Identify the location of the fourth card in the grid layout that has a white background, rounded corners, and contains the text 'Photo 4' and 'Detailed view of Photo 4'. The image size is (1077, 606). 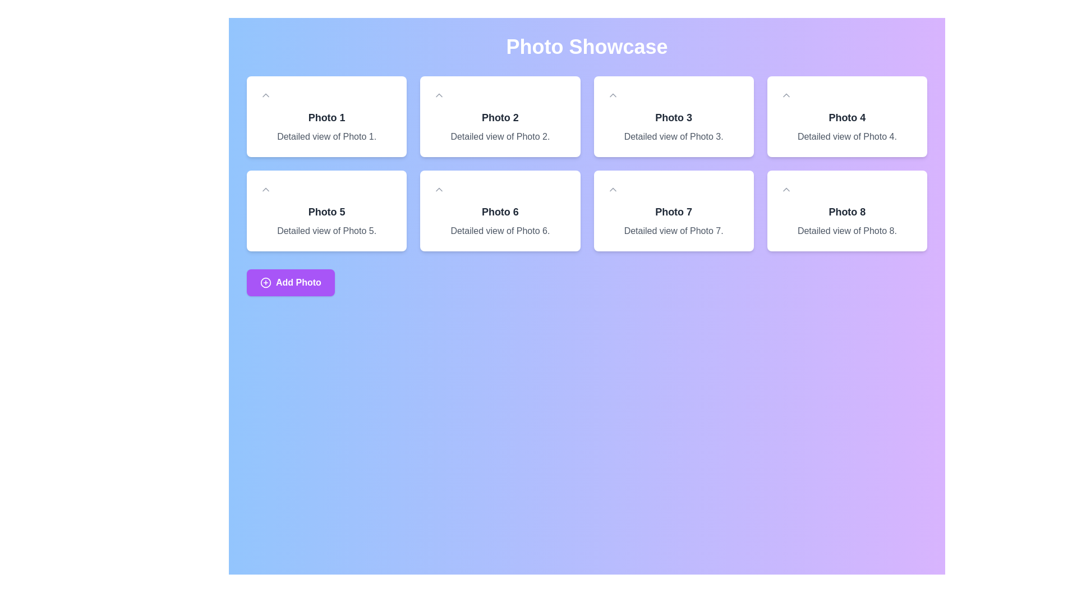
(847, 117).